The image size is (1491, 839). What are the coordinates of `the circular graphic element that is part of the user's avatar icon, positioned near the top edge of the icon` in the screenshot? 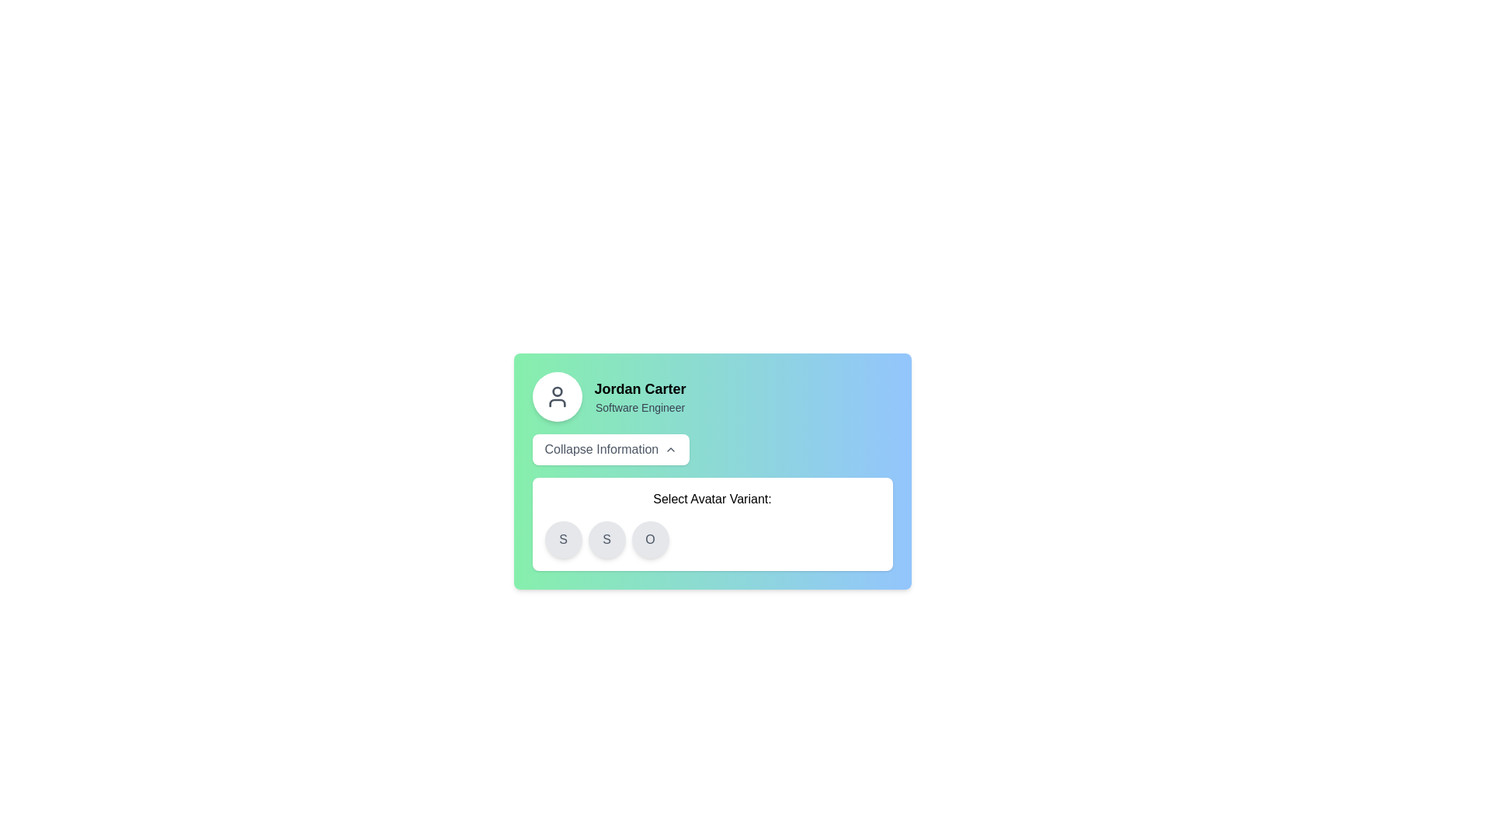 It's located at (557, 391).